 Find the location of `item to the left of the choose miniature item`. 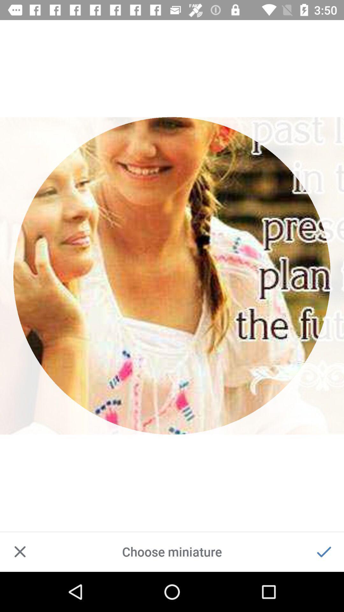

item to the left of the choose miniature item is located at coordinates (19, 551).